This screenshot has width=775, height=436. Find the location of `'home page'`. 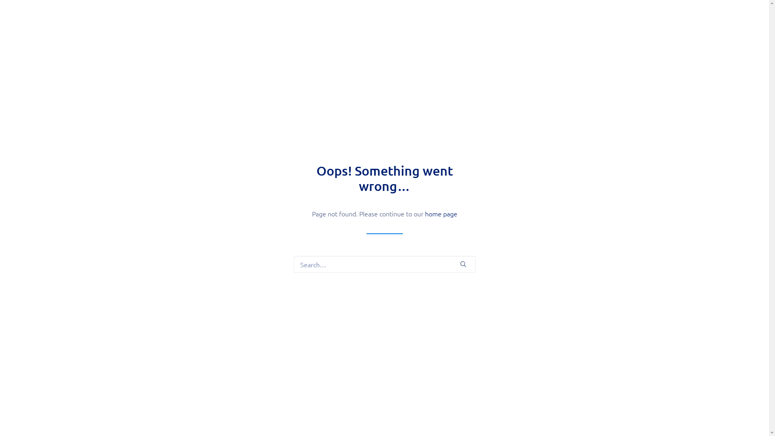

'home page' is located at coordinates (440, 213).